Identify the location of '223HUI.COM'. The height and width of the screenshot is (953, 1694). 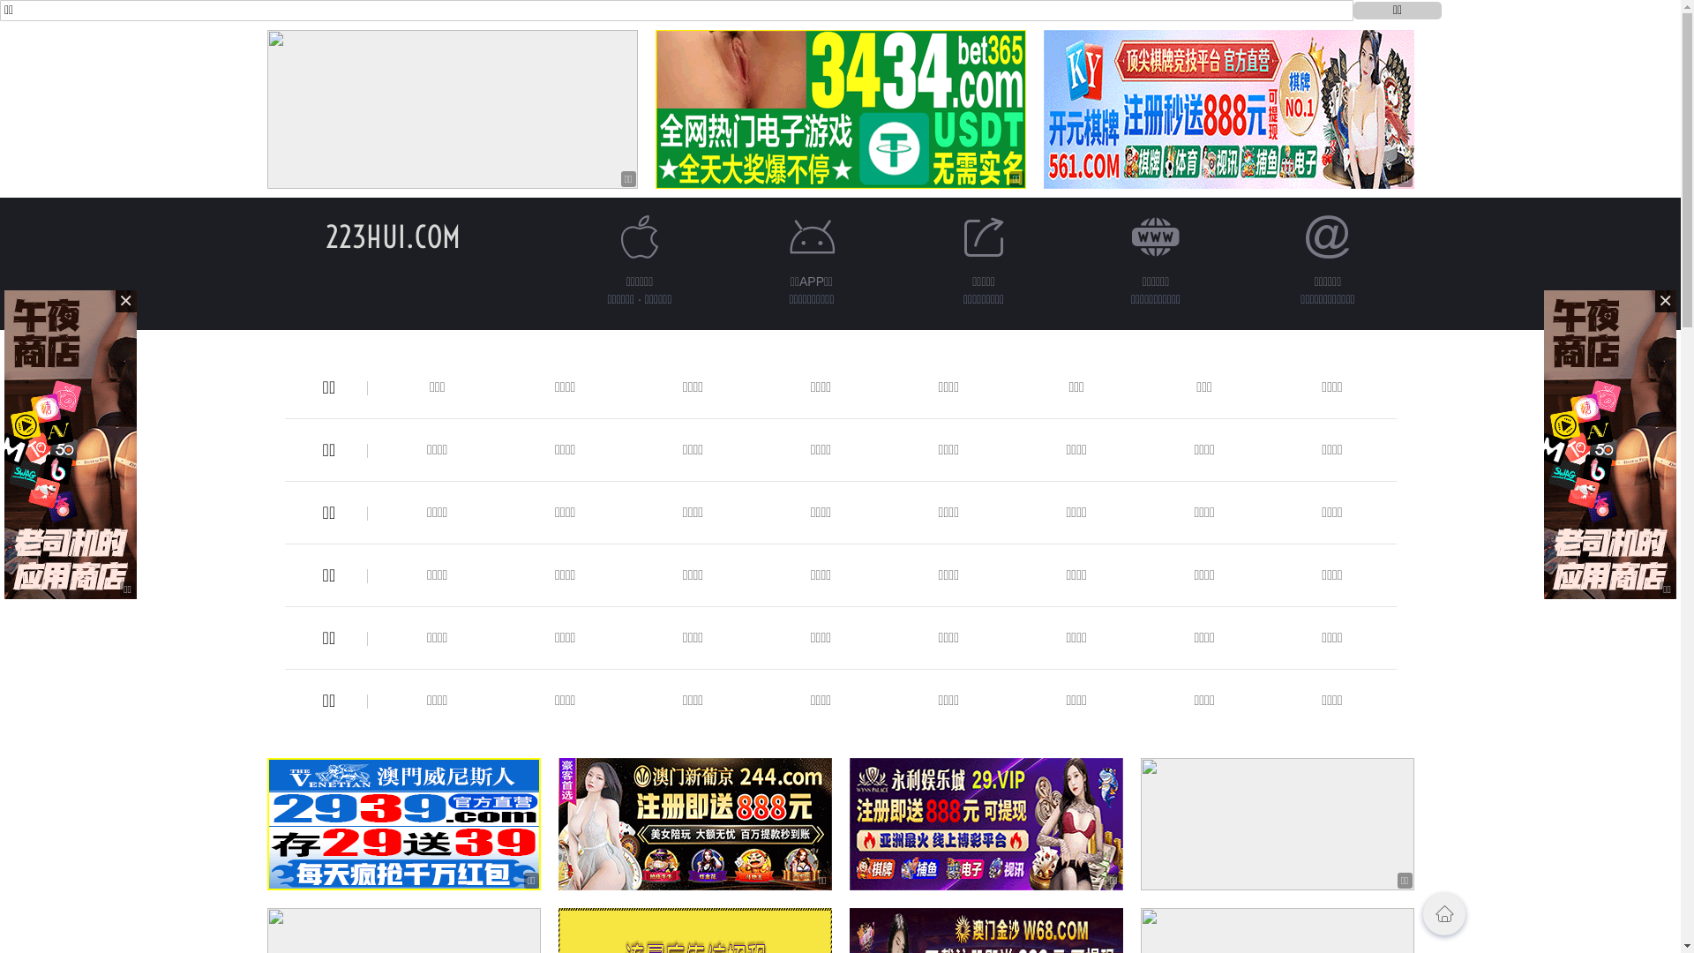
(392, 236).